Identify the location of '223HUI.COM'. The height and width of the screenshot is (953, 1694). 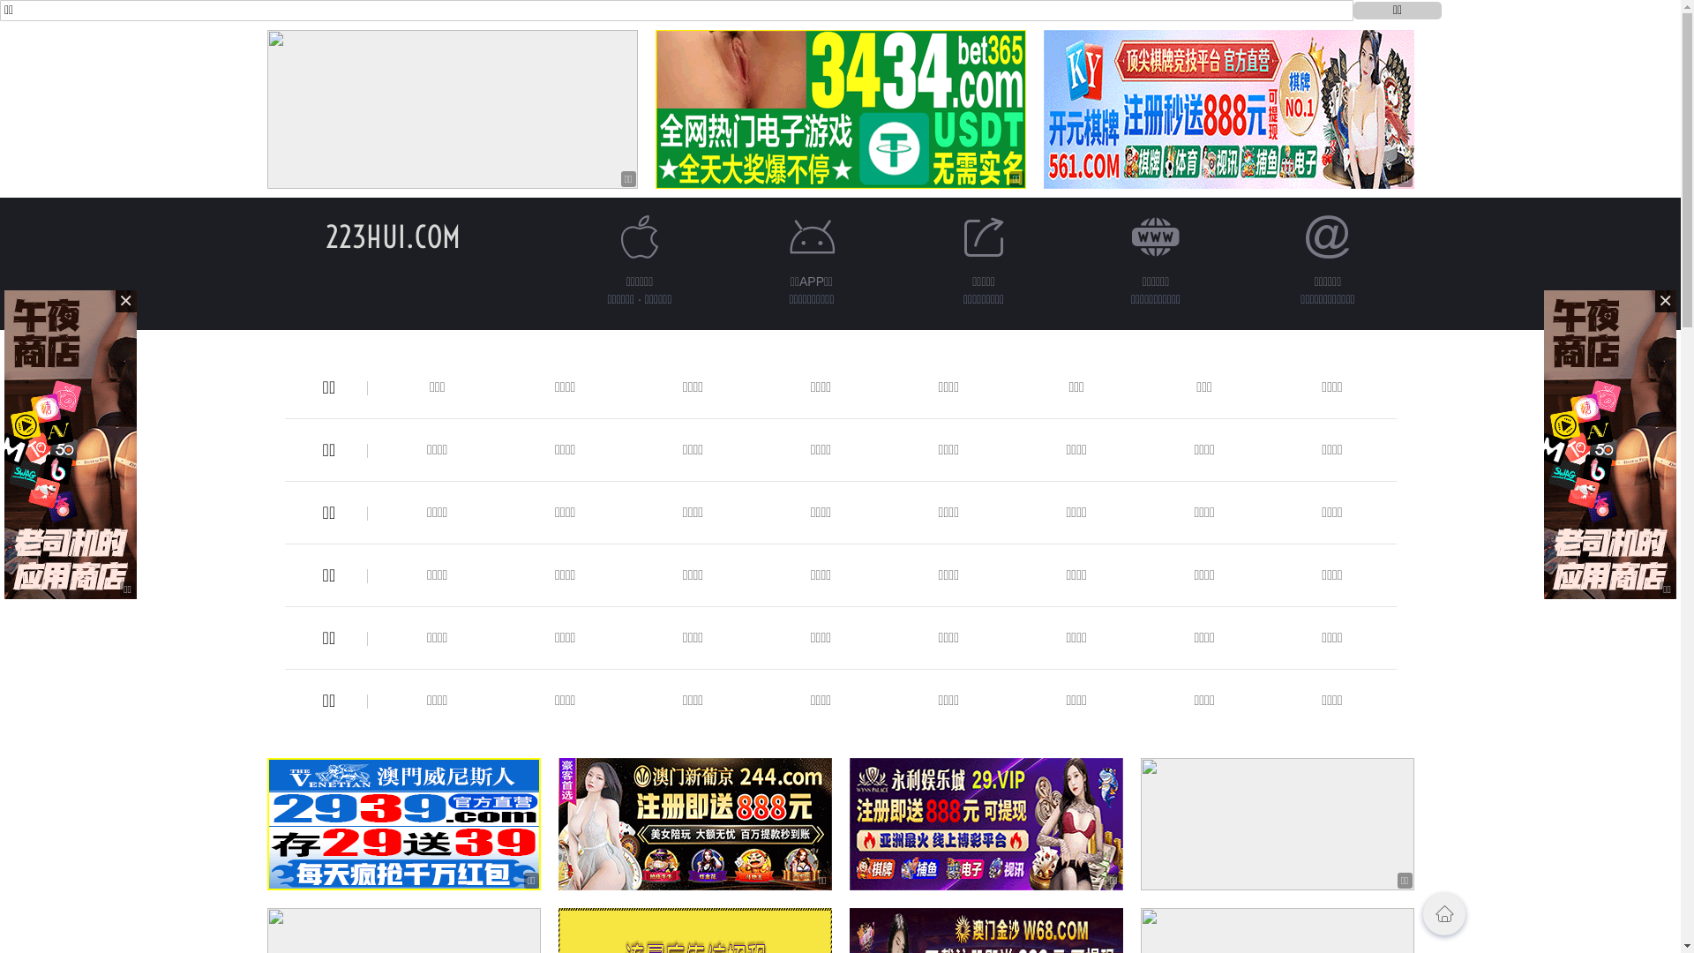
(392, 236).